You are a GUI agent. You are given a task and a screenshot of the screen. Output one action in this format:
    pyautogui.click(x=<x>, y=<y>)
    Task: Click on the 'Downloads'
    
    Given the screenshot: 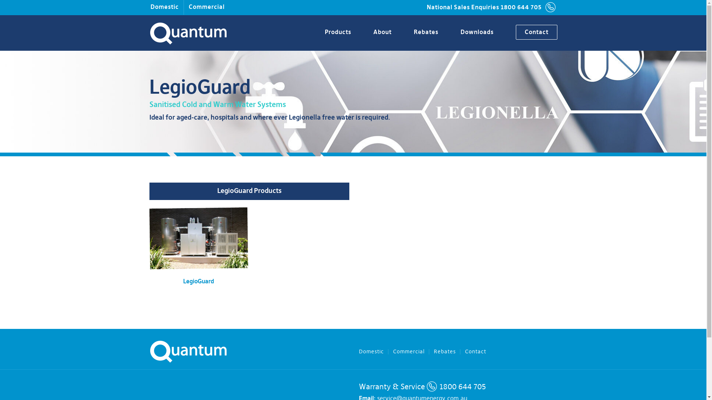 What is the action you would take?
    pyautogui.click(x=469, y=32)
    